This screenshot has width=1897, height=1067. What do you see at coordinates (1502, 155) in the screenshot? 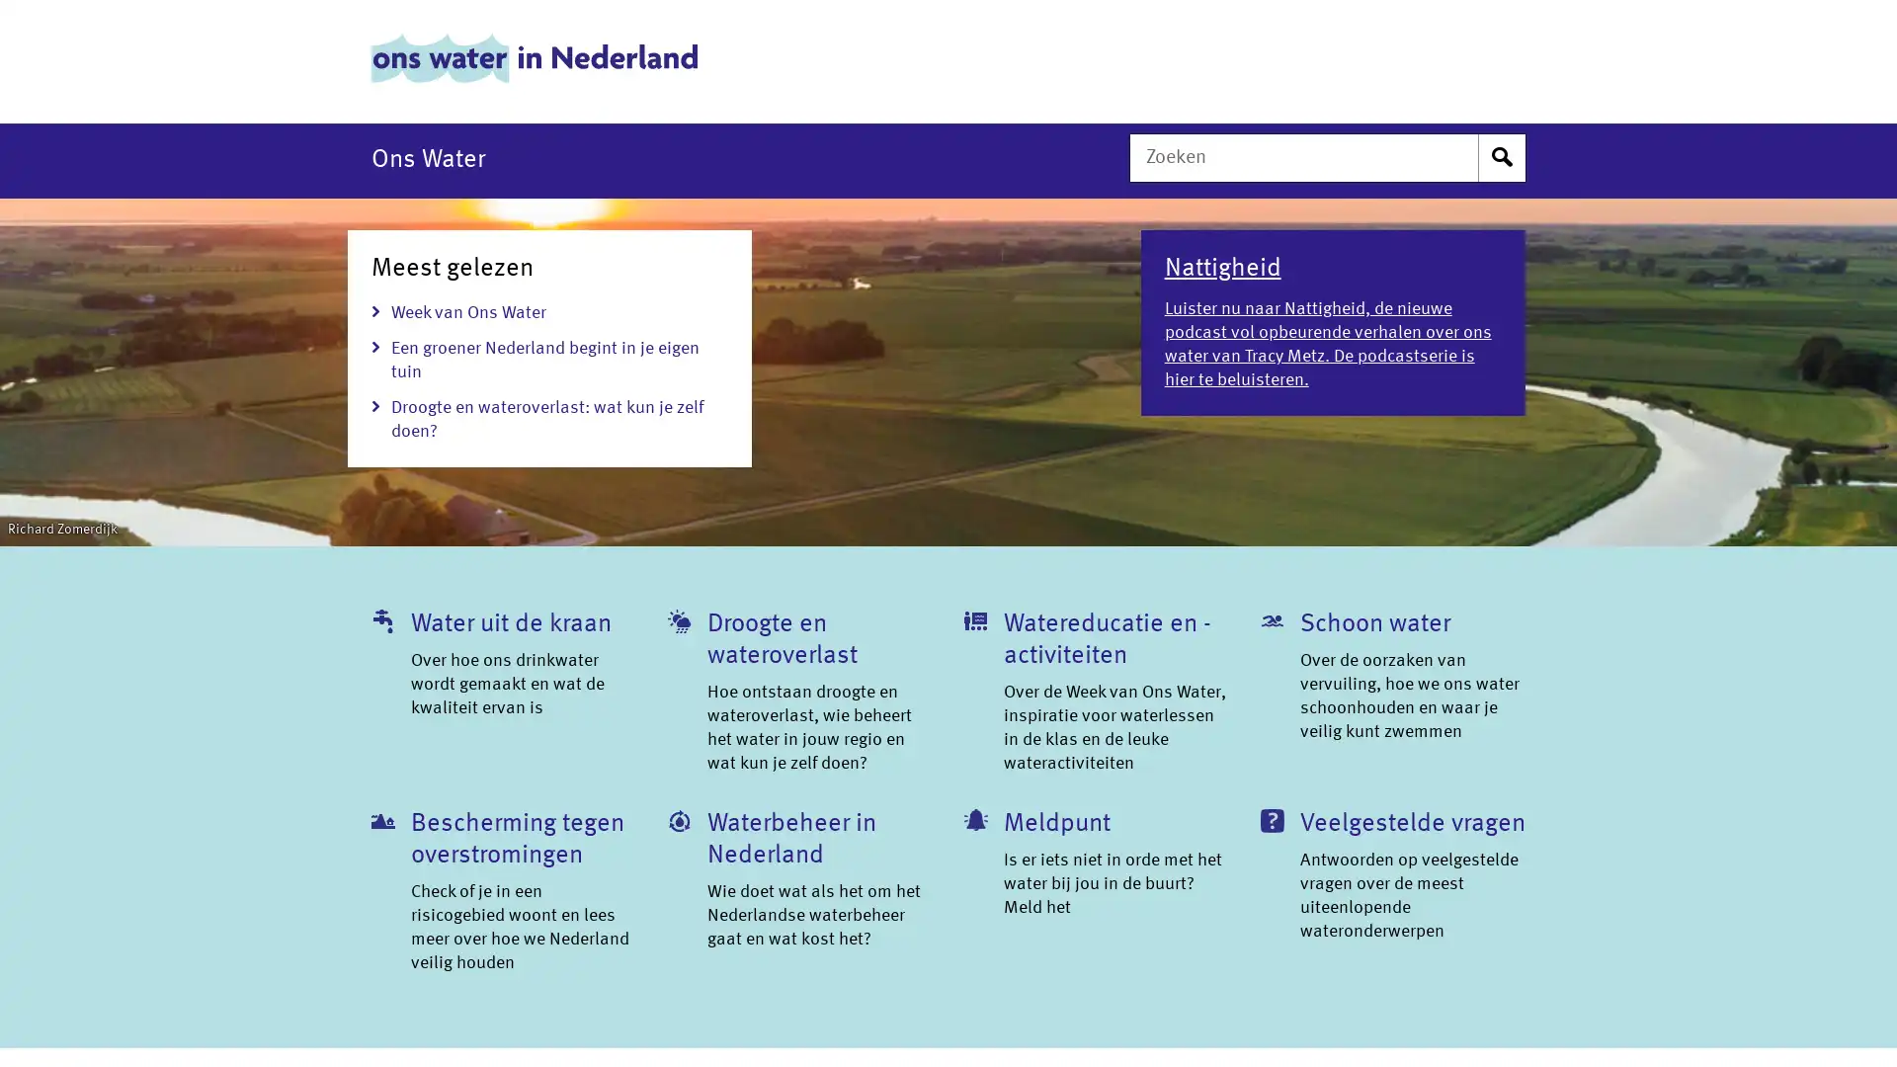
I see `Start zoeken` at bounding box center [1502, 155].